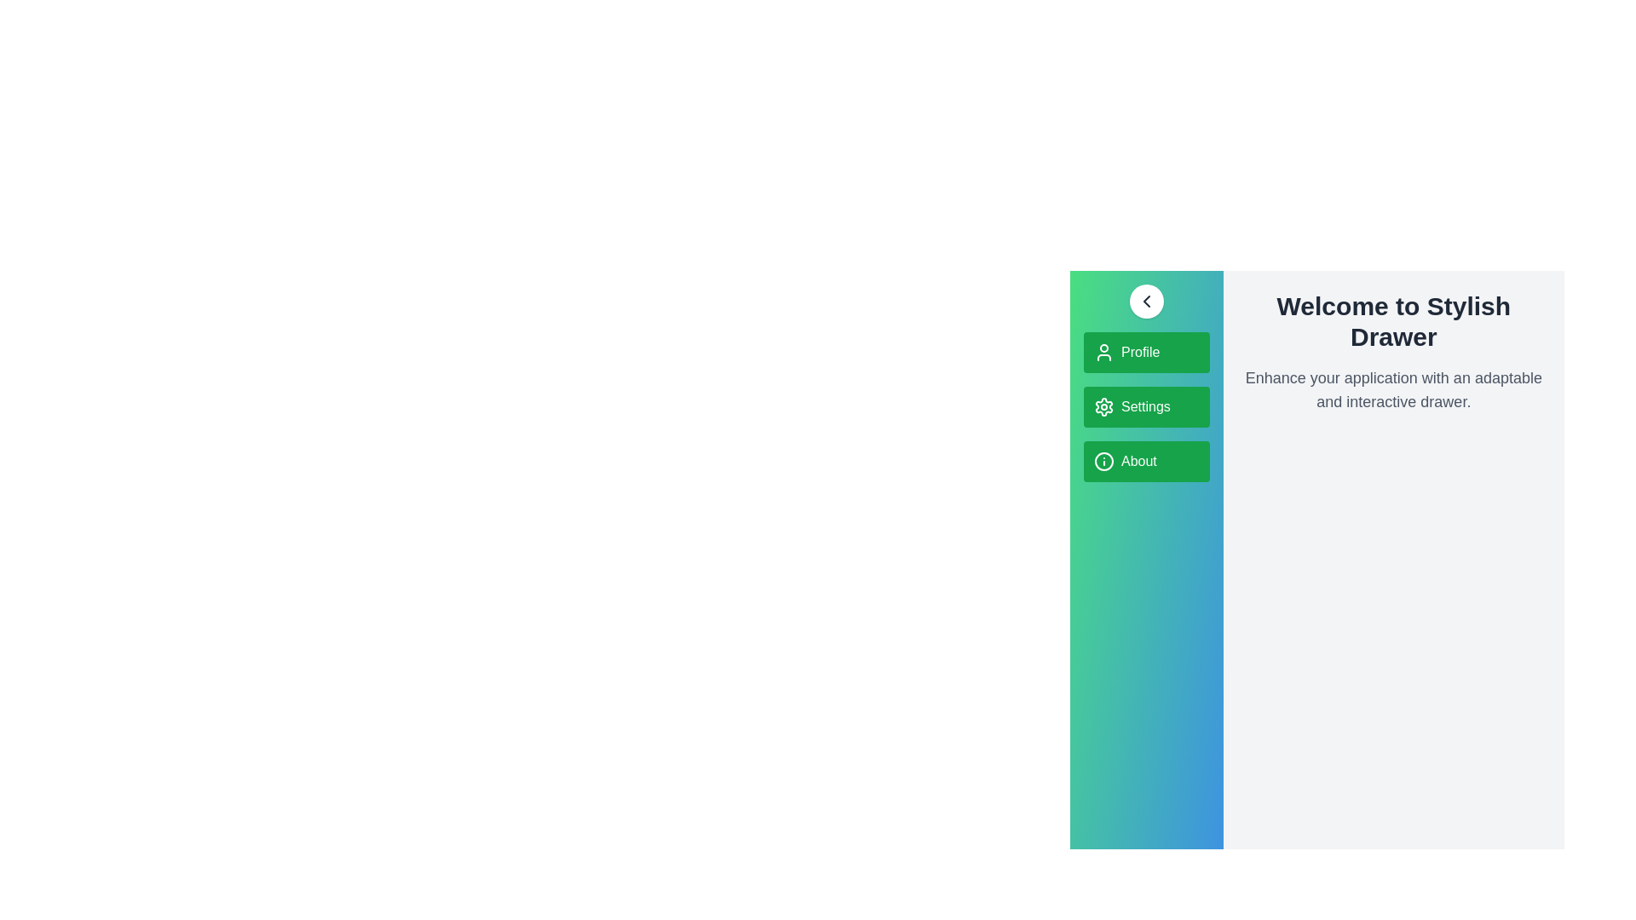  What do you see at coordinates (1146, 407) in the screenshot?
I see `the menu item Settings to observe its hover effect` at bounding box center [1146, 407].